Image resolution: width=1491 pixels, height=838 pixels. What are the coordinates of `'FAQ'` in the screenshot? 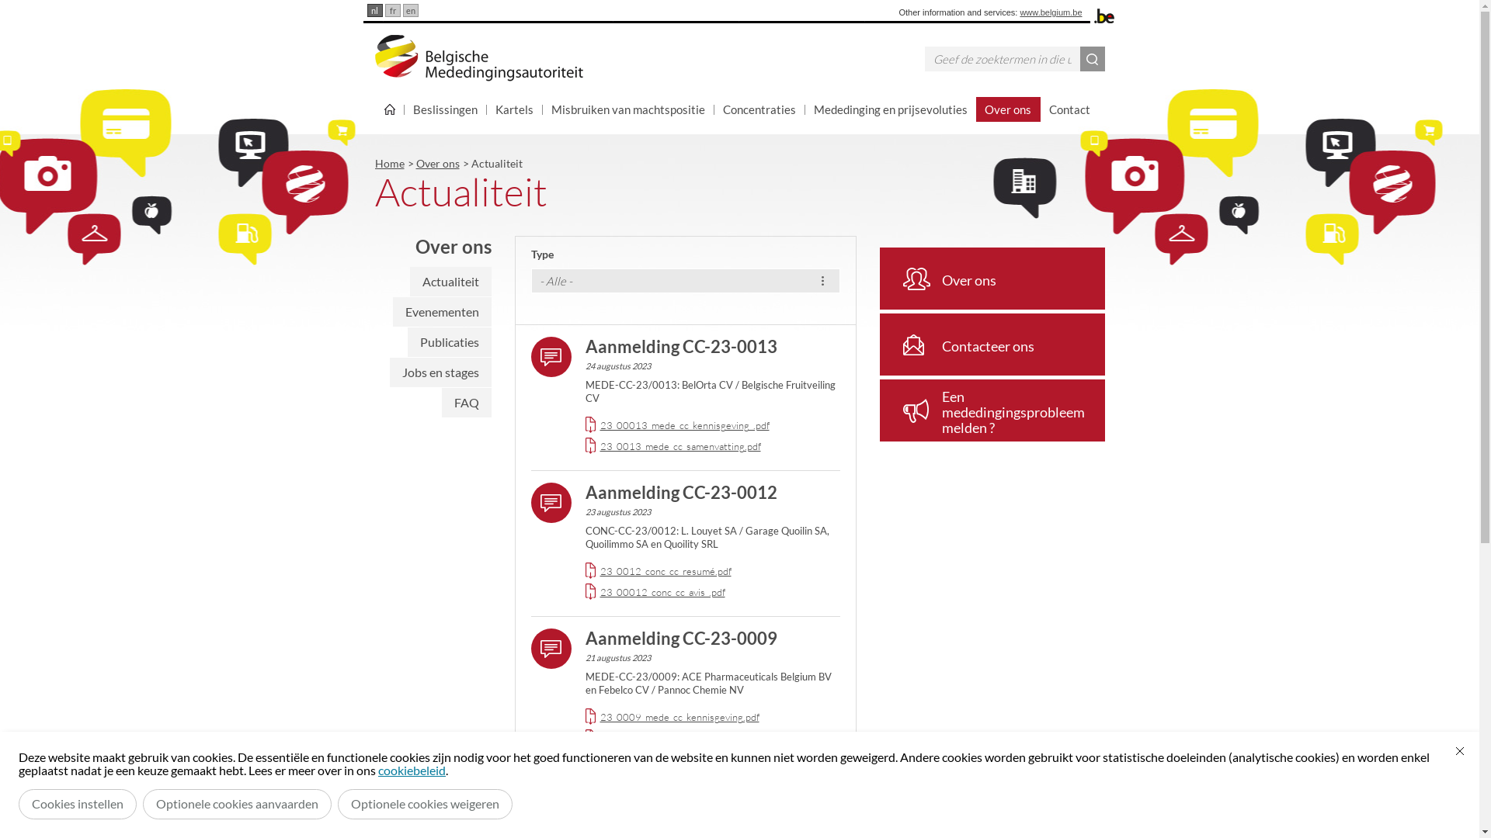 It's located at (440, 402).